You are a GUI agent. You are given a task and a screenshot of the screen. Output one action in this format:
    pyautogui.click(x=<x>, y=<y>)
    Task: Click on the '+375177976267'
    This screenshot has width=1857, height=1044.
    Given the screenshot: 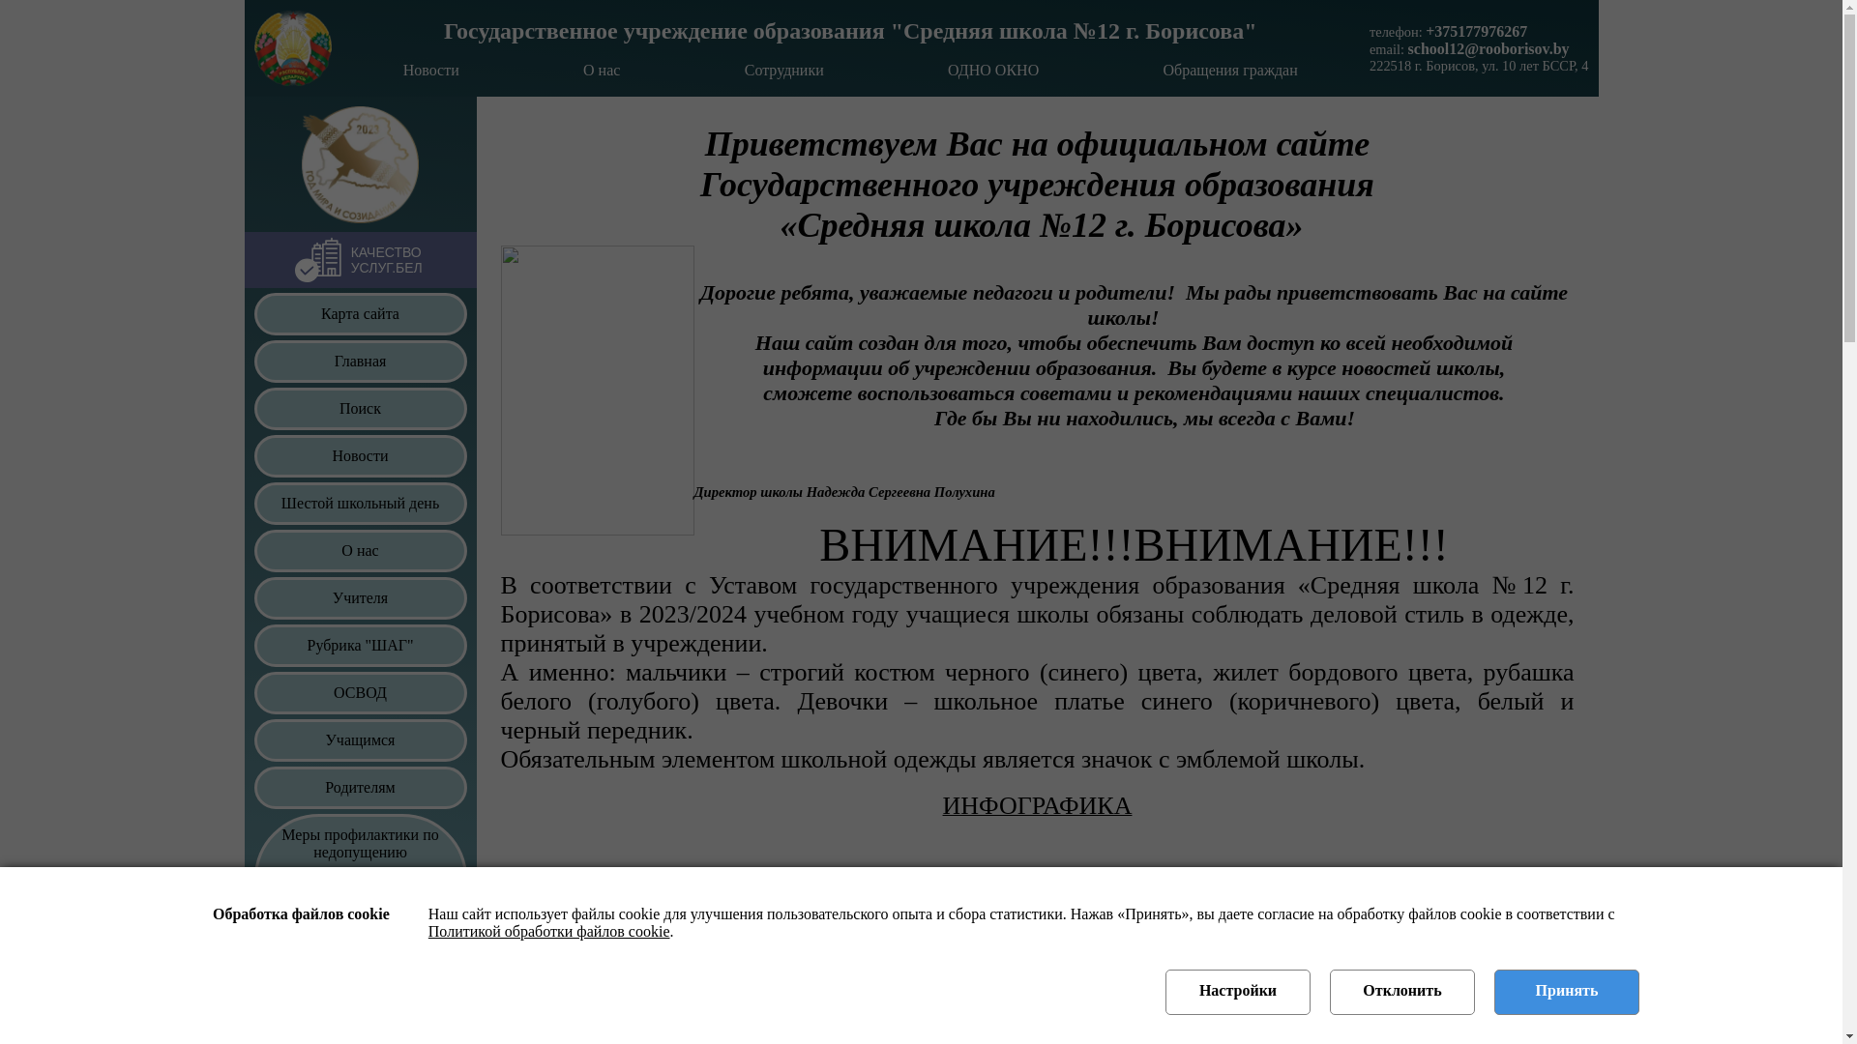 What is the action you would take?
    pyautogui.click(x=1425, y=31)
    